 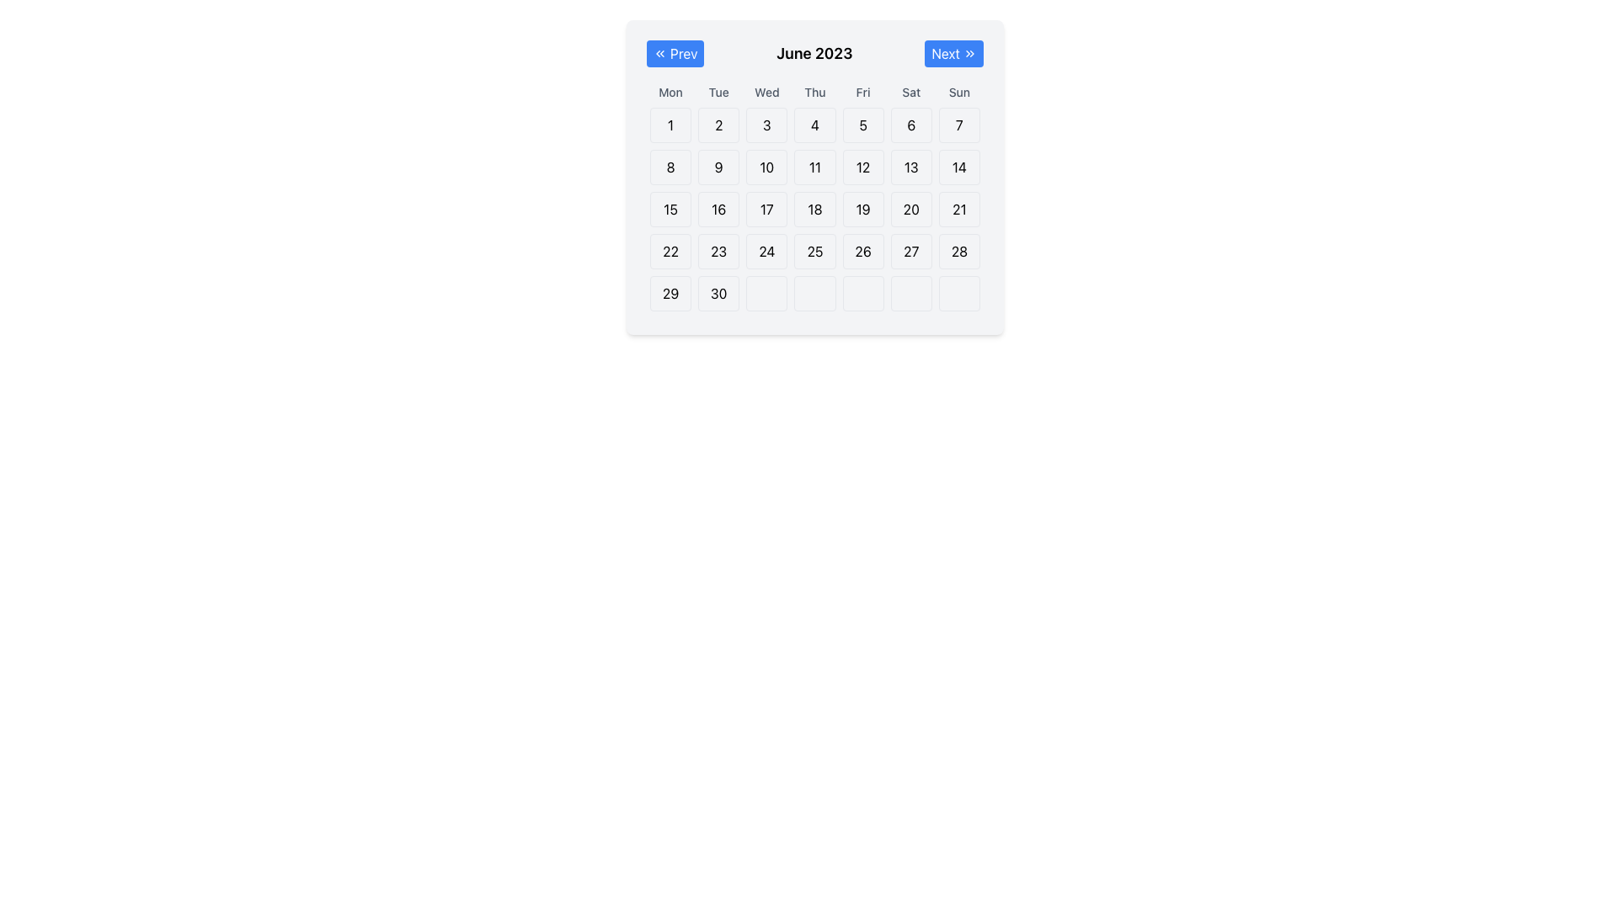 What do you see at coordinates (670, 252) in the screenshot?
I see `the first date cell in the fourth row of the calendar` at bounding box center [670, 252].